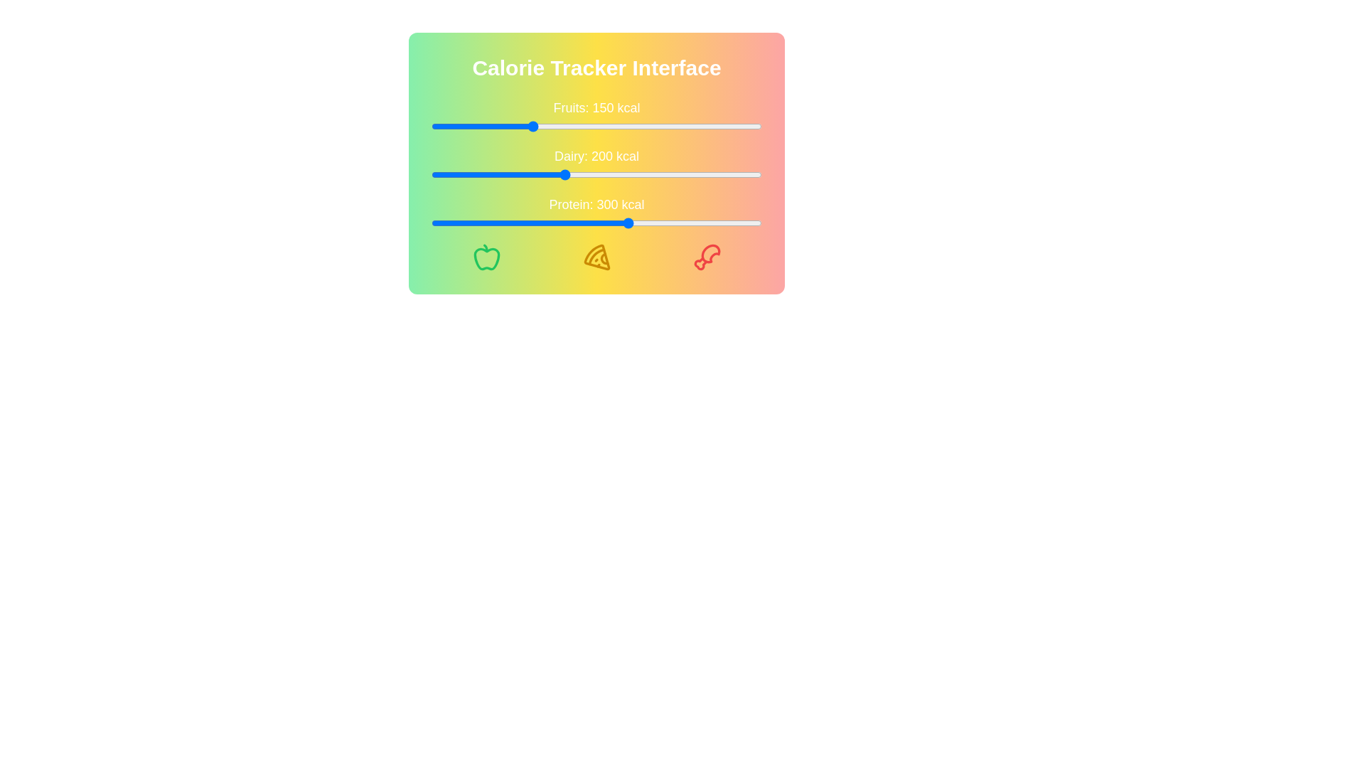 The height and width of the screenshot is (768, 1365). I want to click on the Protein slider to 129 kcal, so click(515, 223).